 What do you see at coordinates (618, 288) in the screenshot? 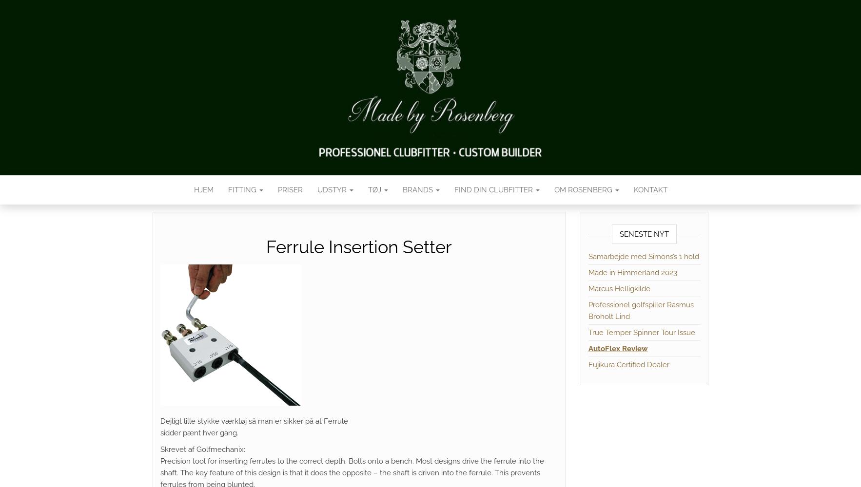
I see `'Marcus Helligkilde'` at bounding box center [618, 288].